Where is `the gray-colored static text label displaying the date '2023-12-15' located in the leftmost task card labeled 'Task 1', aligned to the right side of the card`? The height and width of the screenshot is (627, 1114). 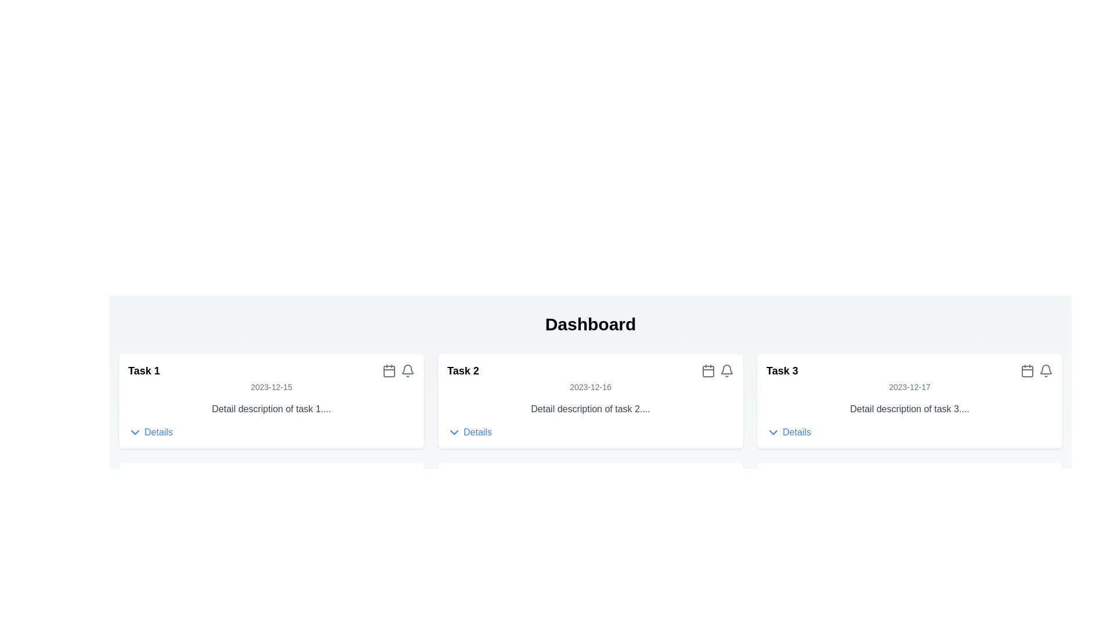
the gray-colored static text label displaying the date '2023-12-15' located in the leftmost task card labeled 'Task 1', aligned to the right side of the card is located at coordinates (270, 387).